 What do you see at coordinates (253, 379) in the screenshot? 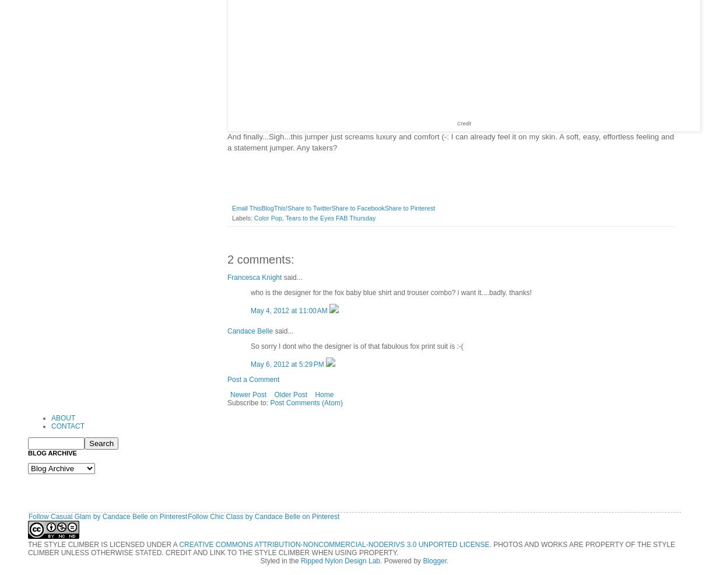
I see `'Post a Comment'` at bounding box center [253, 379].